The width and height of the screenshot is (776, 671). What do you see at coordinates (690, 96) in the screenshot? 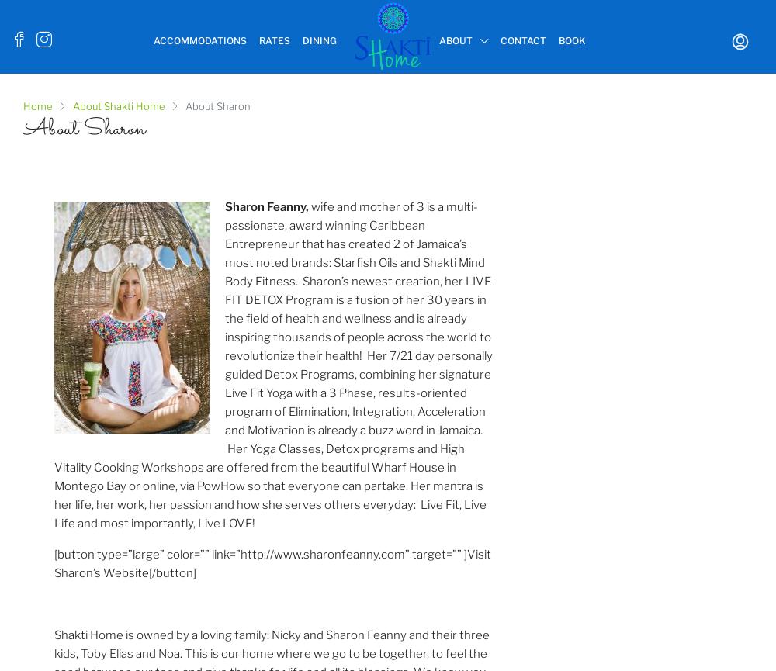
I see `'Favorites'` at bounding box center [690, 96].